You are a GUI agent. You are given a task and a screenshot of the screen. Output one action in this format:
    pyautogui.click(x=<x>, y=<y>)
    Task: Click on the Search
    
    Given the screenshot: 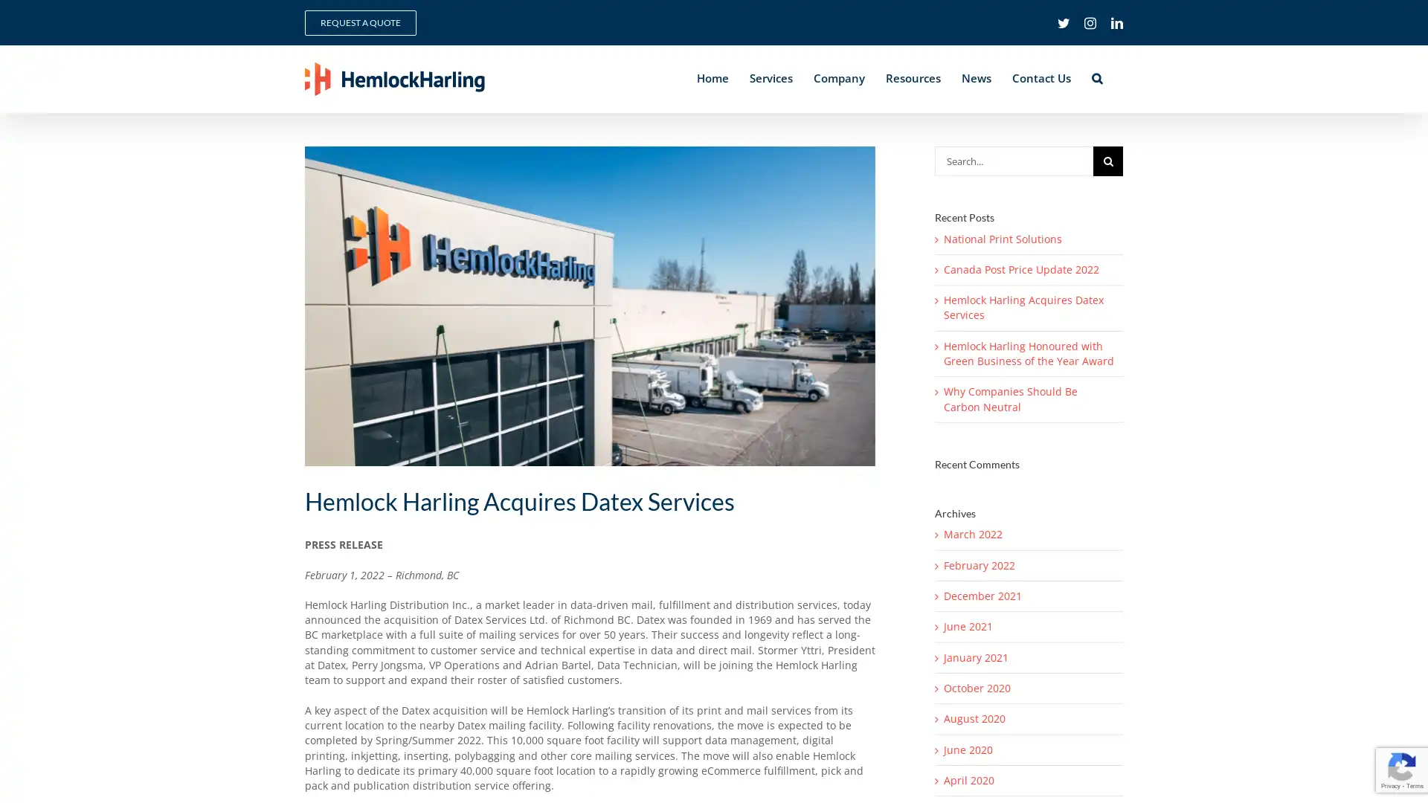 What is the action you would take?
    pyautogui.click(x=1096, y=78)
    